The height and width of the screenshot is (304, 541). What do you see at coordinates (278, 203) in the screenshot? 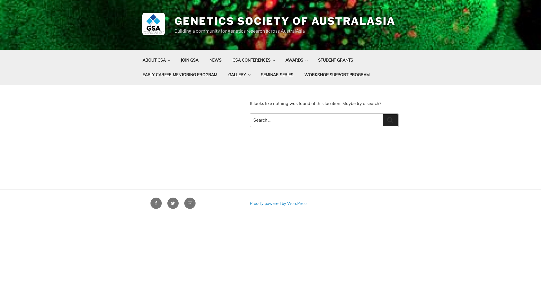
I see `'Proudly powered by WordPress'` at bounding box center [278, 203].